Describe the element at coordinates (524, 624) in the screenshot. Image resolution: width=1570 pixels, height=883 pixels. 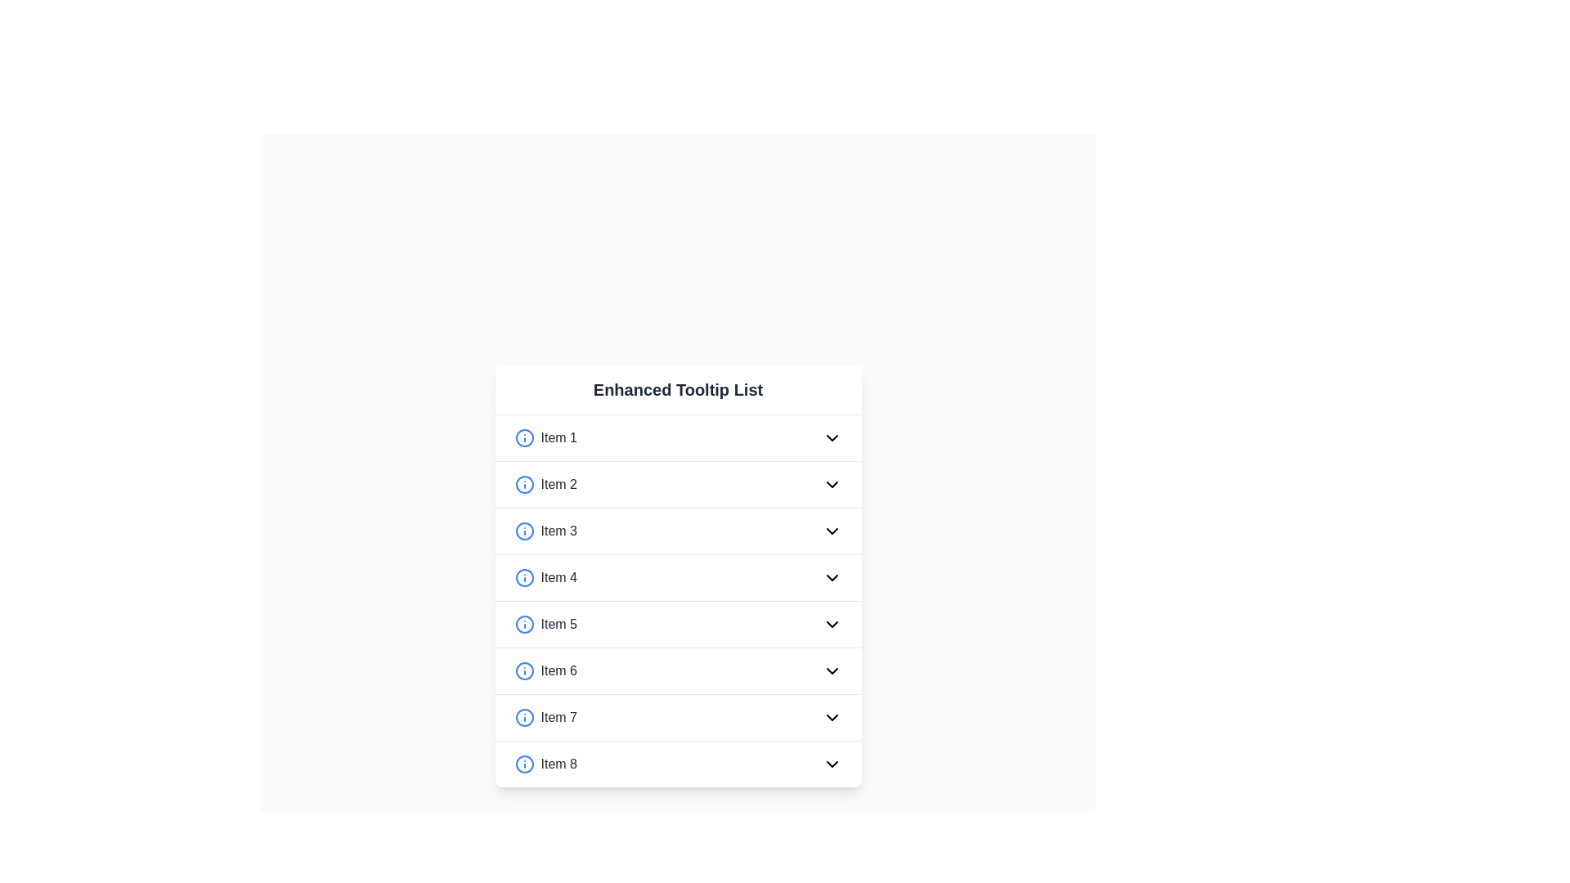
I see `the circular shape with a blue outline and white fill, which is the fifth indicator aligned to the left of 'Item 5' in the 'Enhanced Tooltip List'` at that location.